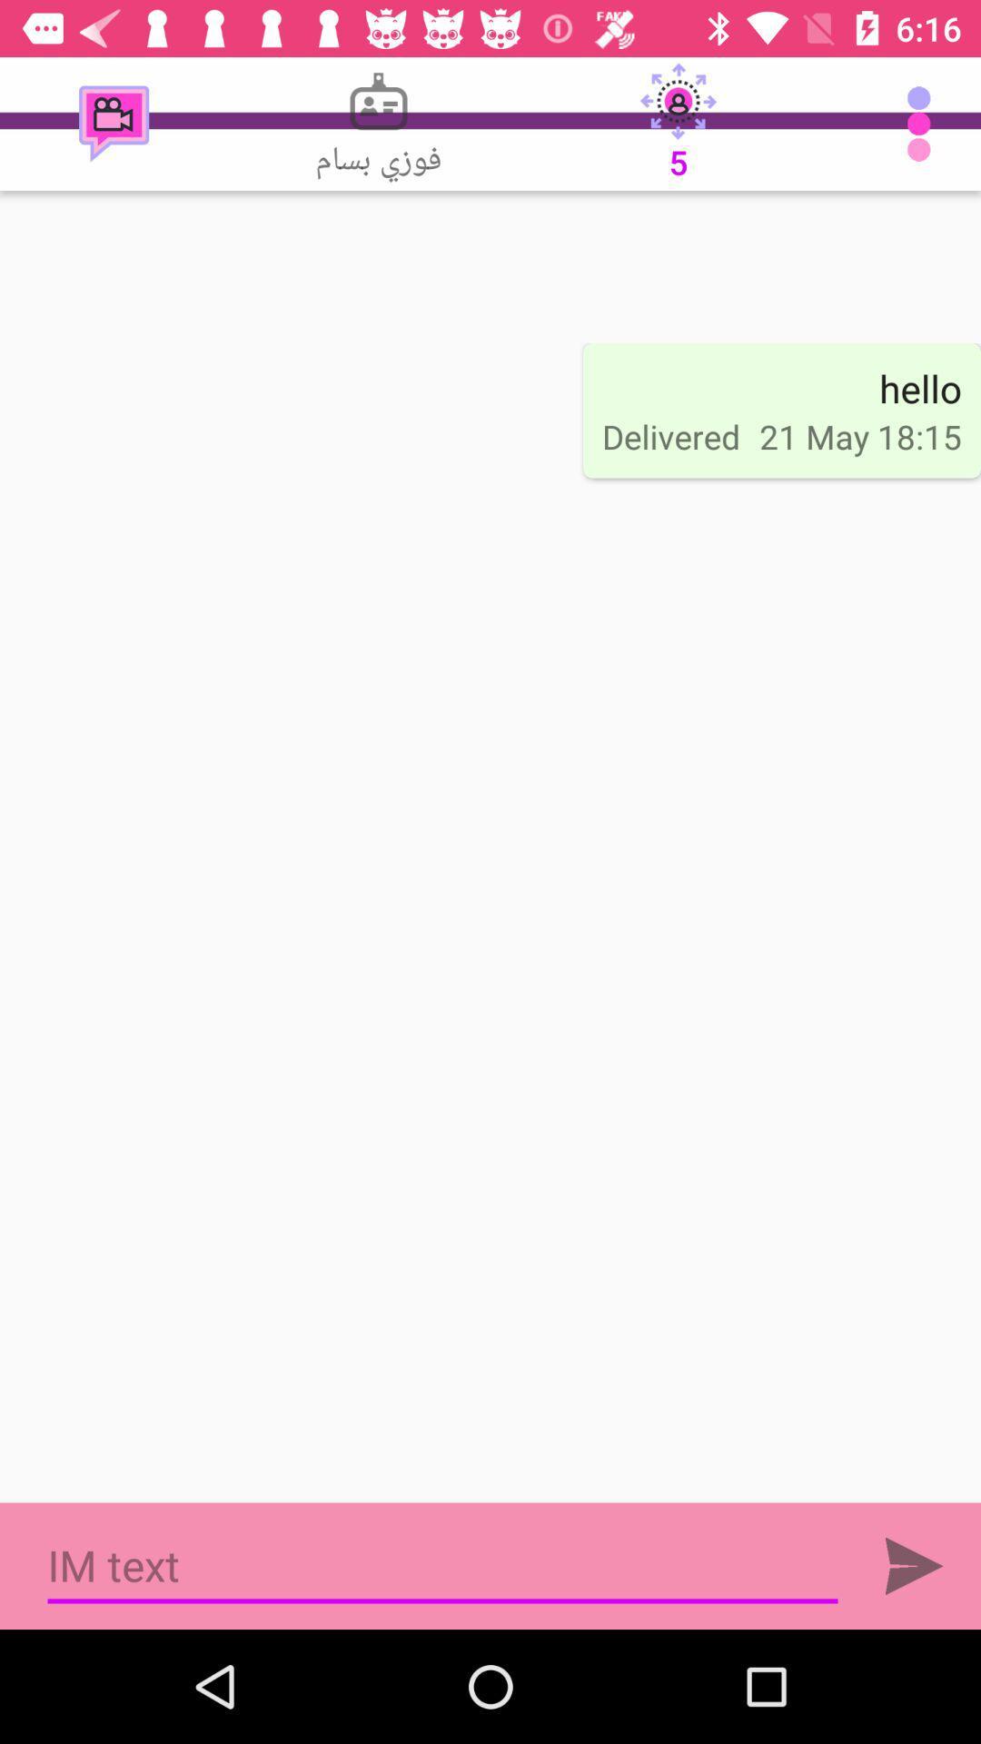 Image resolution: width=981 pixels, height=1744 pixels. What do you see at coordinates (914, 1565) in the screenshot?
I see `send message` at bounding box center [914, 1565].